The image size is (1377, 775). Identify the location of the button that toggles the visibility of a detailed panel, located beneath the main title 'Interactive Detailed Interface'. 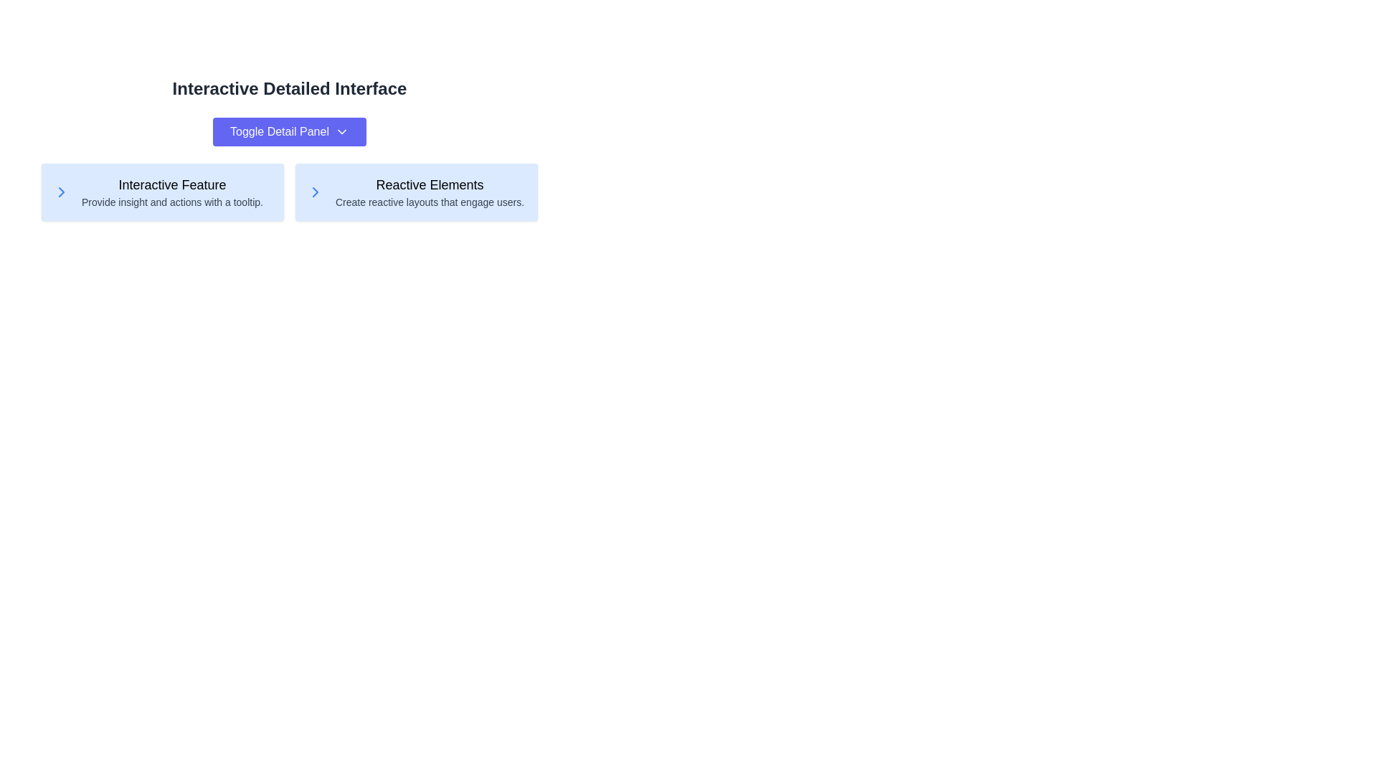
(288, 132).